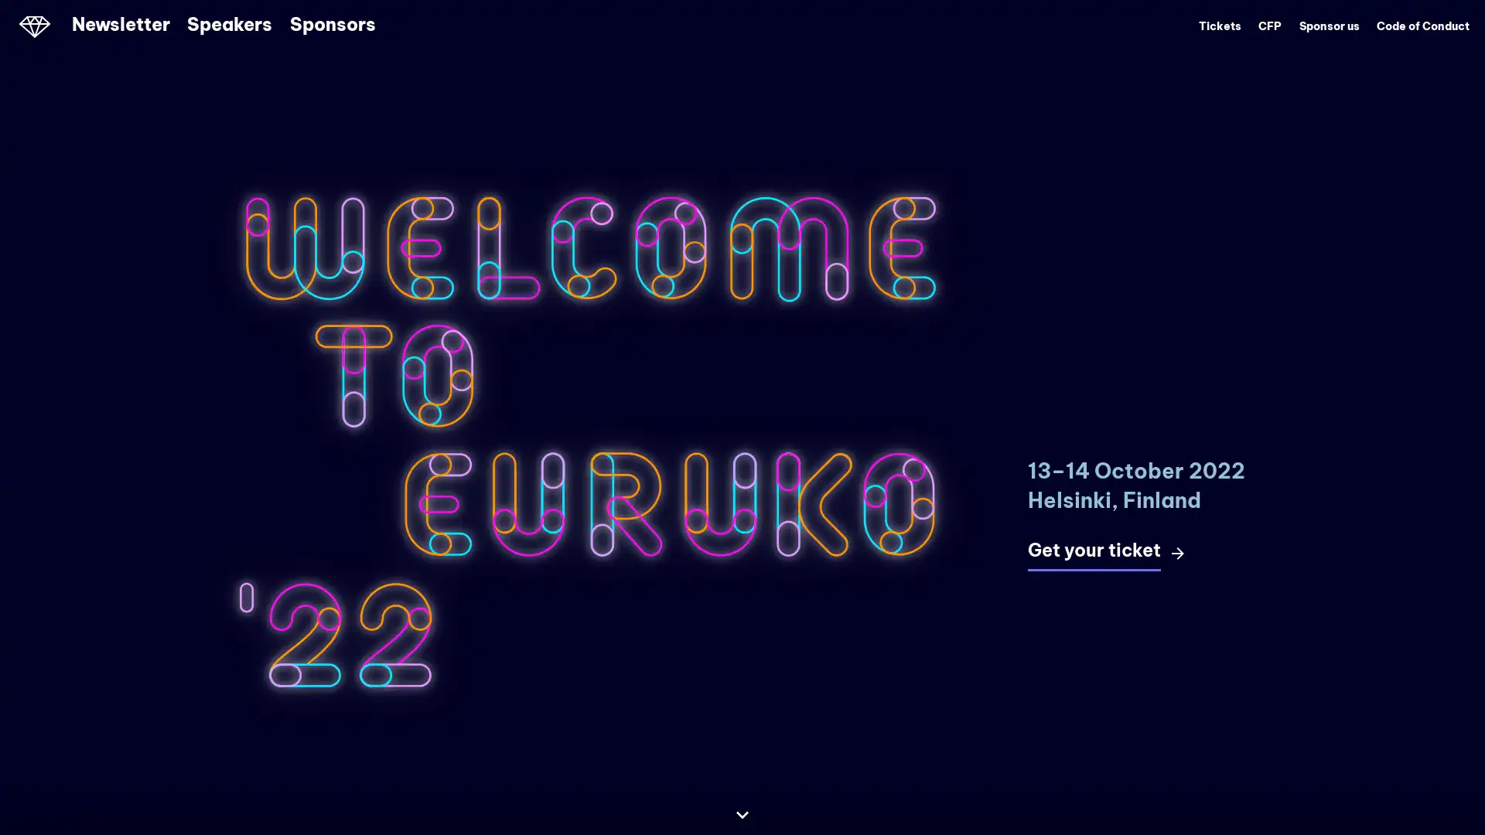 This screenshot has height=835, width=1485. What do you see at coordinates (742, 813) in the screenshot?
I see `Continue` at bounding box center [742, 813].